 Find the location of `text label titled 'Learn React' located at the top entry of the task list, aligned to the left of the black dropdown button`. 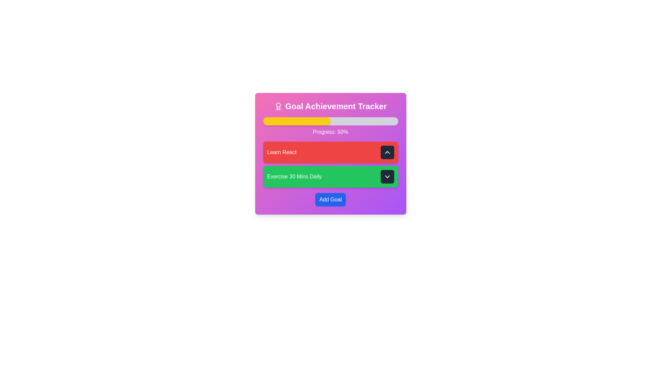

text label titled 'Learn React' located at the top entry of the task list, aligned to the left of the black dropdown button is located at coordinates (282, 152).